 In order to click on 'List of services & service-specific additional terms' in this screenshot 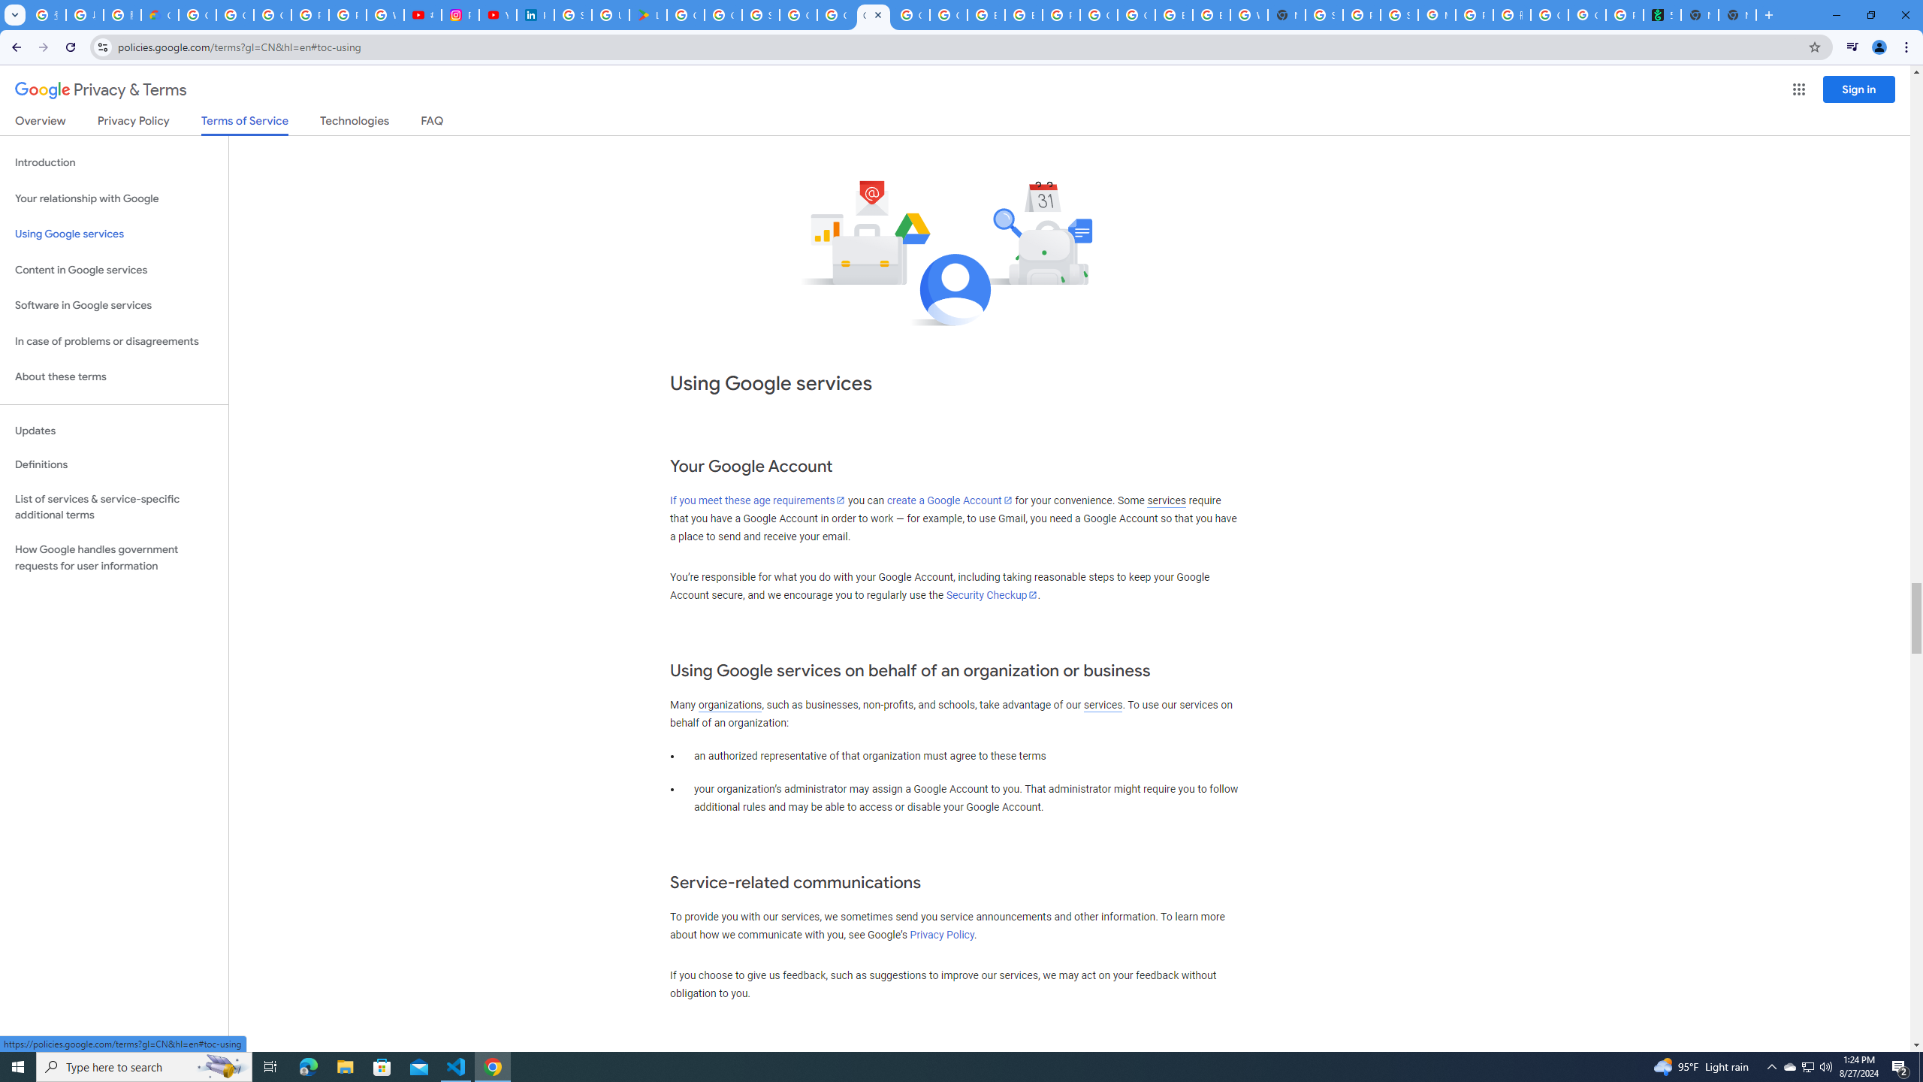, I will do `click(113, 506)`.